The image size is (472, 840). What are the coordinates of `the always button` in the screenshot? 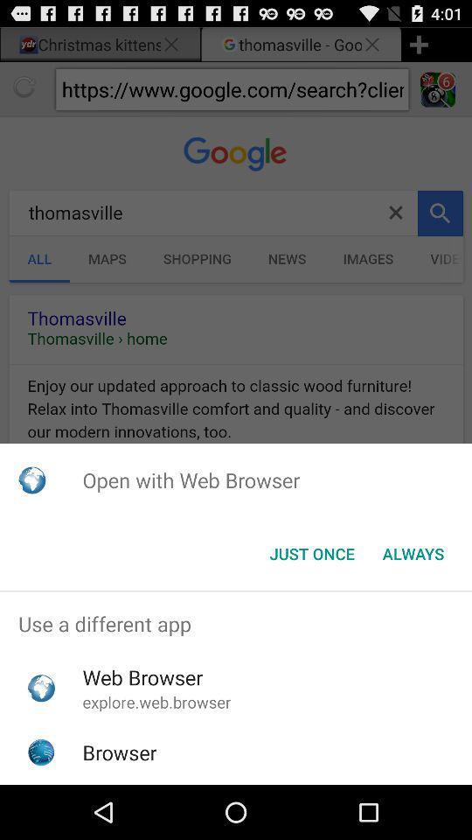 It's located at (413, 553).